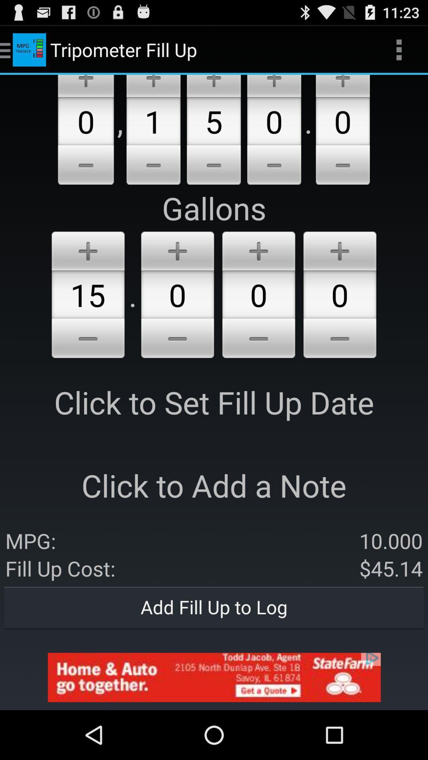 The width and height of the screenshot is (428, 760). Describe the element at coordinates (88, 340) in the screenshot. I see `lower the number` at that location.